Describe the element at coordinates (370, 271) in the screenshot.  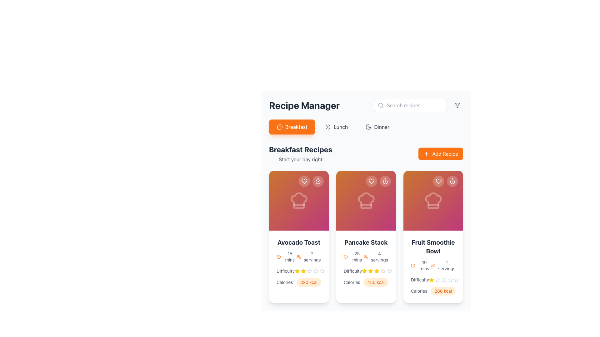
I see `the second star icon in the difficulty rating component of the 'Pancake Stack' card in the 'Breakfast Recipes' section, which visually represents a one star rating` at that location.